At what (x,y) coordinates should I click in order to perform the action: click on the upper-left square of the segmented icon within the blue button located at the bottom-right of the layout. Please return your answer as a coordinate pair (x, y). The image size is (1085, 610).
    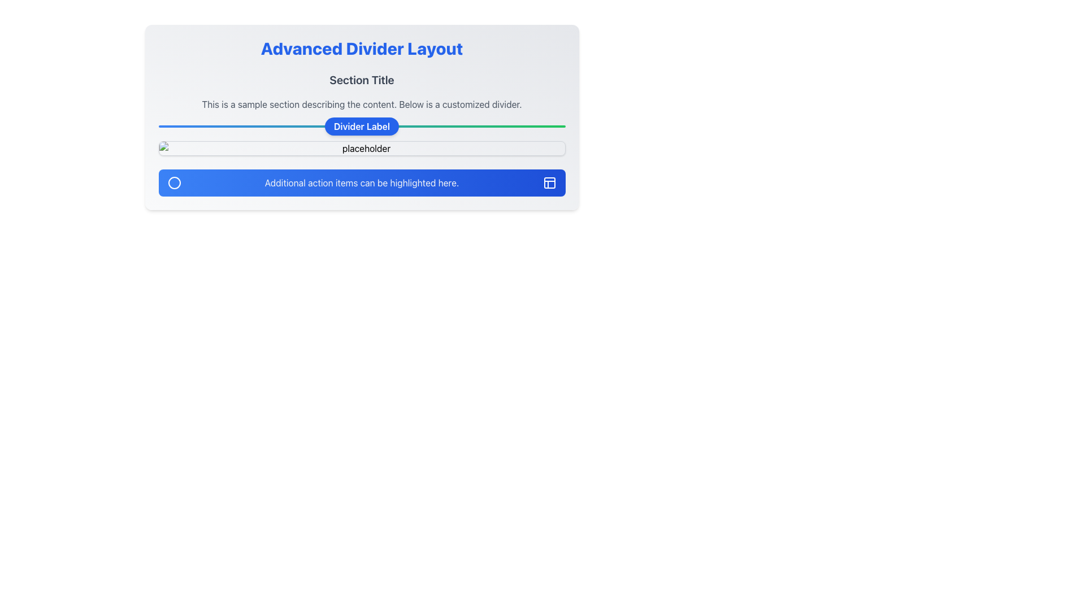
    Looking at the image, I should click on (549, 182).